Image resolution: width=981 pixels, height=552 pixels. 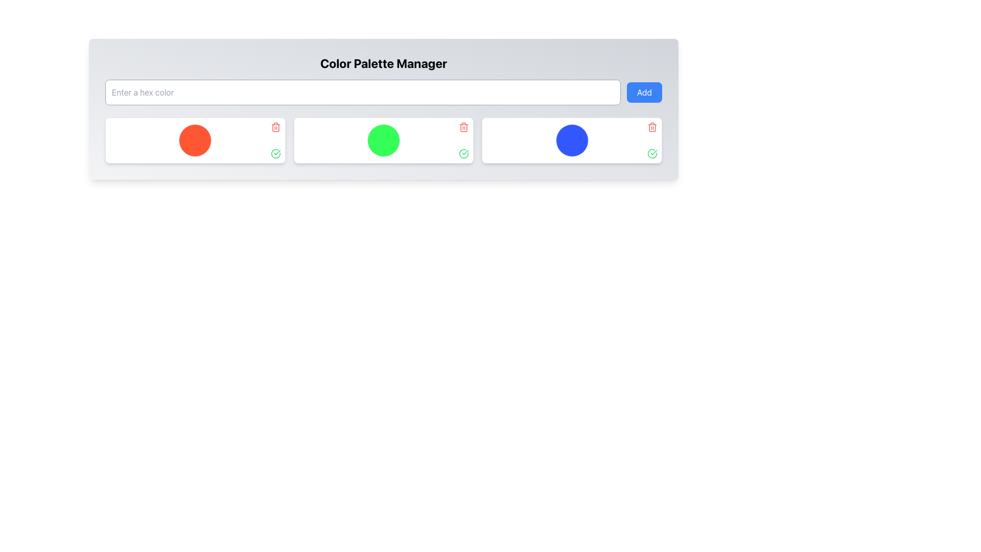 What do you see at coordinates (463, 153) in the screenshot?
I see `the confirmation icon located at the bottom-right corner of the green color card in a row of three cards` at bounding box center [463, 153].